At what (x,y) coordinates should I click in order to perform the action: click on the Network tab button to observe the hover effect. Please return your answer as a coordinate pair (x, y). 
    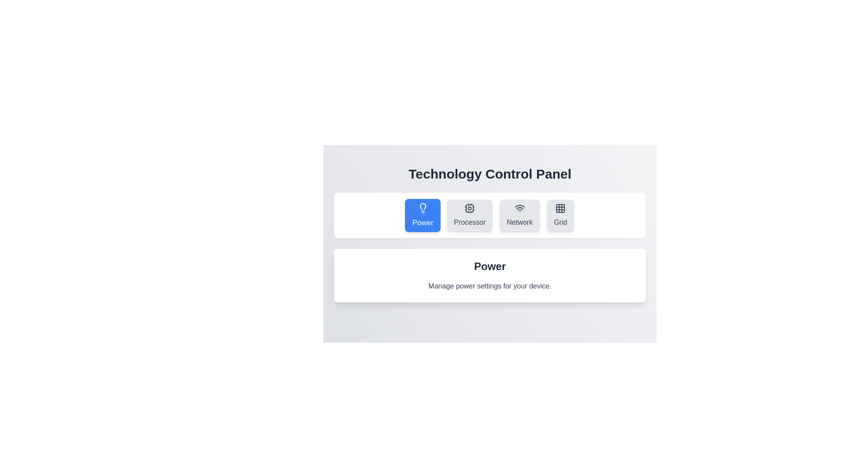
    Looking at the image, I should click on (519, 215).